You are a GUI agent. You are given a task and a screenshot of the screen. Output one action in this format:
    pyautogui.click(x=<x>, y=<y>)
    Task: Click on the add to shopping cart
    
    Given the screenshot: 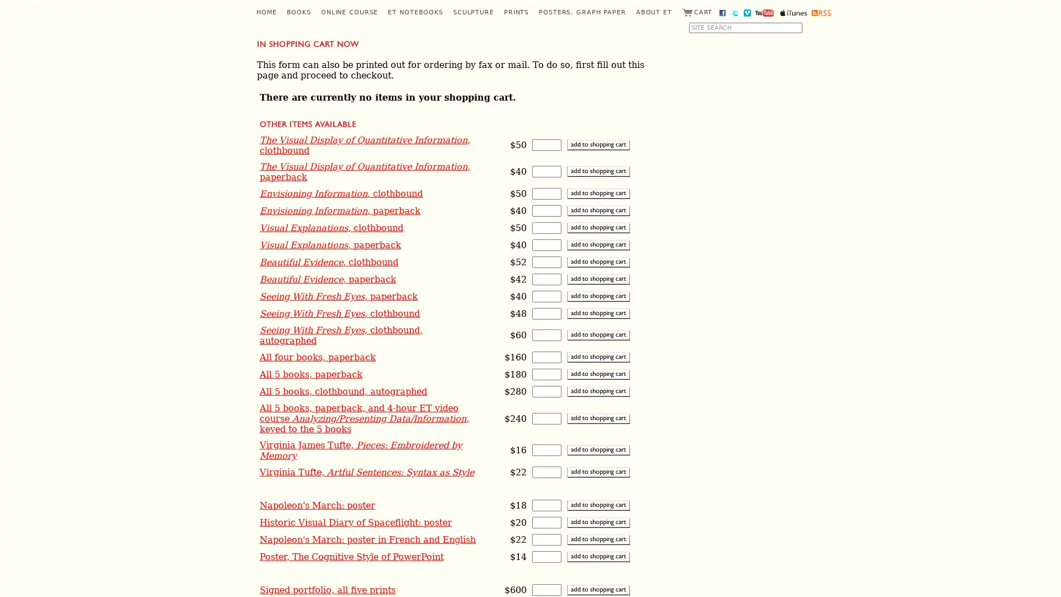 What is the action you would take?
    pyautogui.click(x=598, y=244)
    